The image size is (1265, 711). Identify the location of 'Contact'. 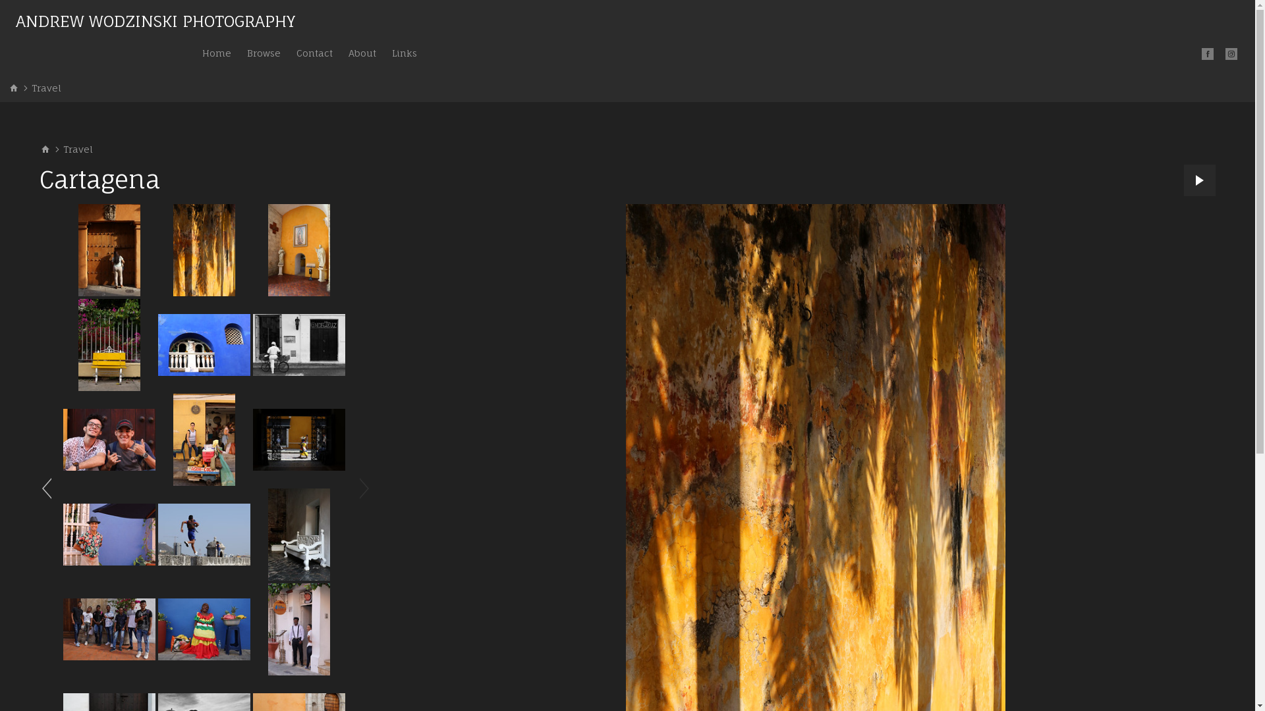
(314, 52).